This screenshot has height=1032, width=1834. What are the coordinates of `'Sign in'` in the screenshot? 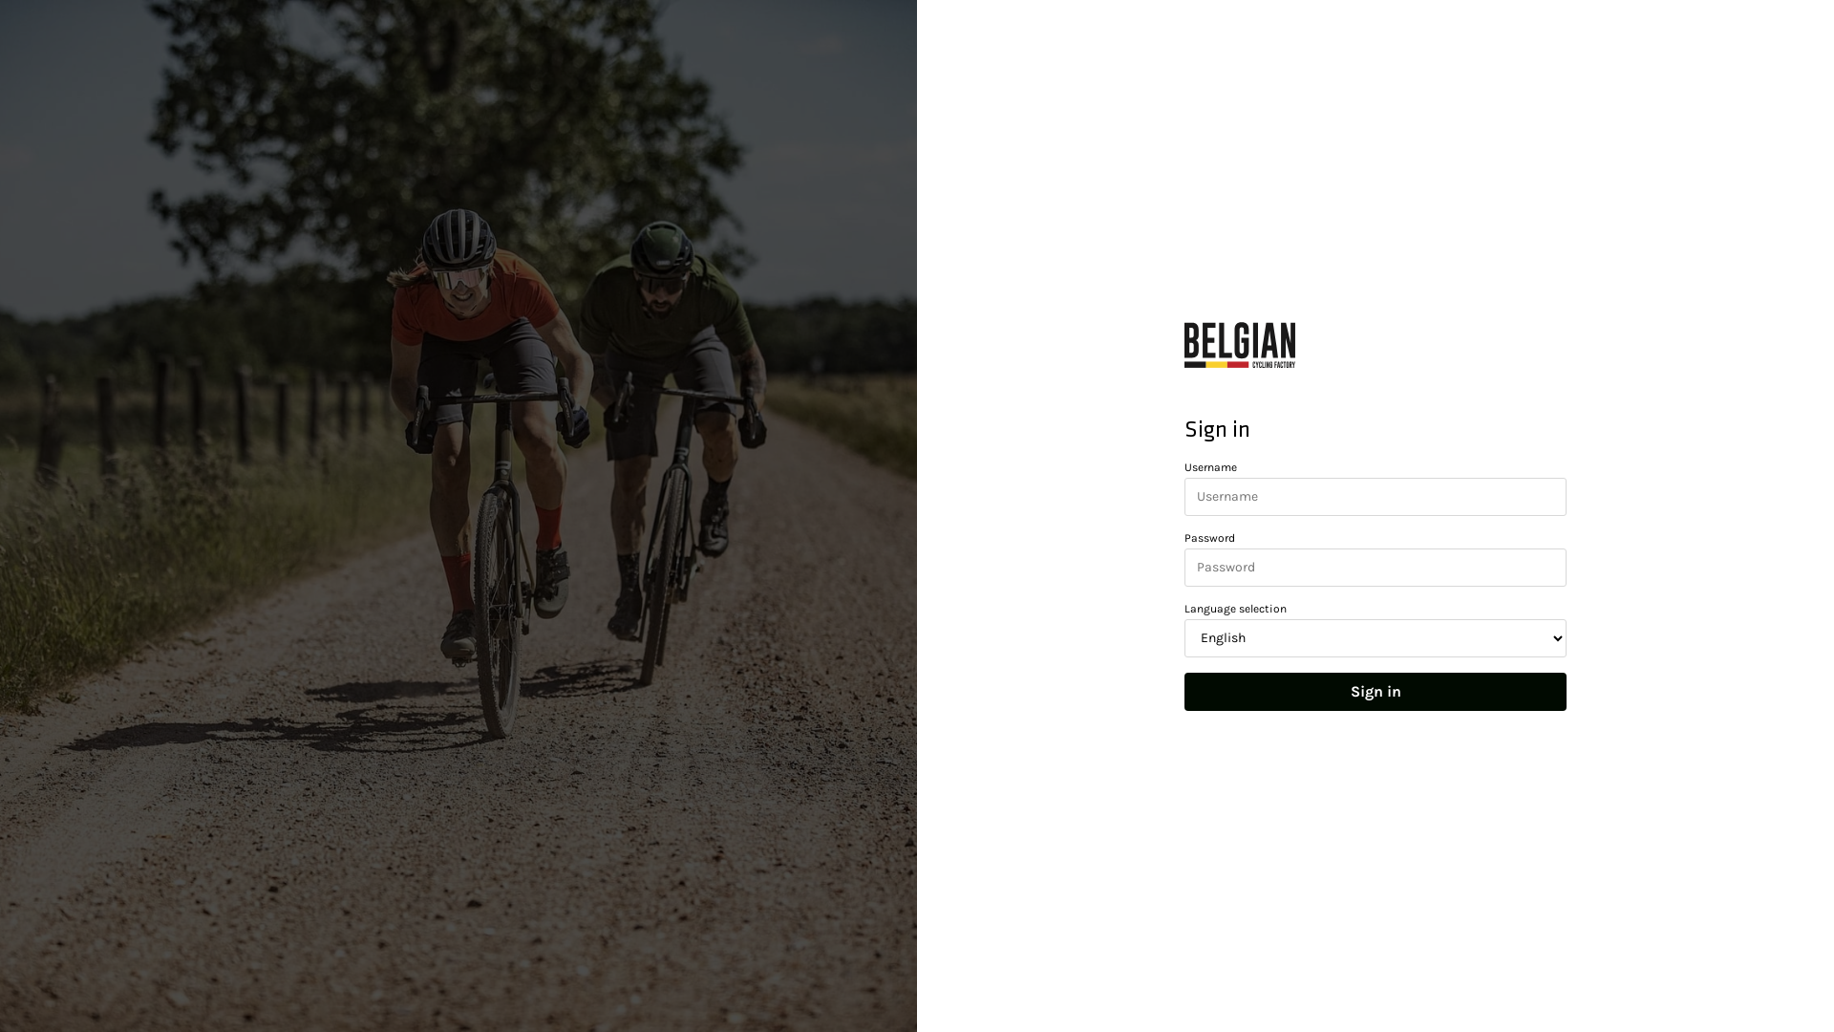 It's located at (1375, 692).